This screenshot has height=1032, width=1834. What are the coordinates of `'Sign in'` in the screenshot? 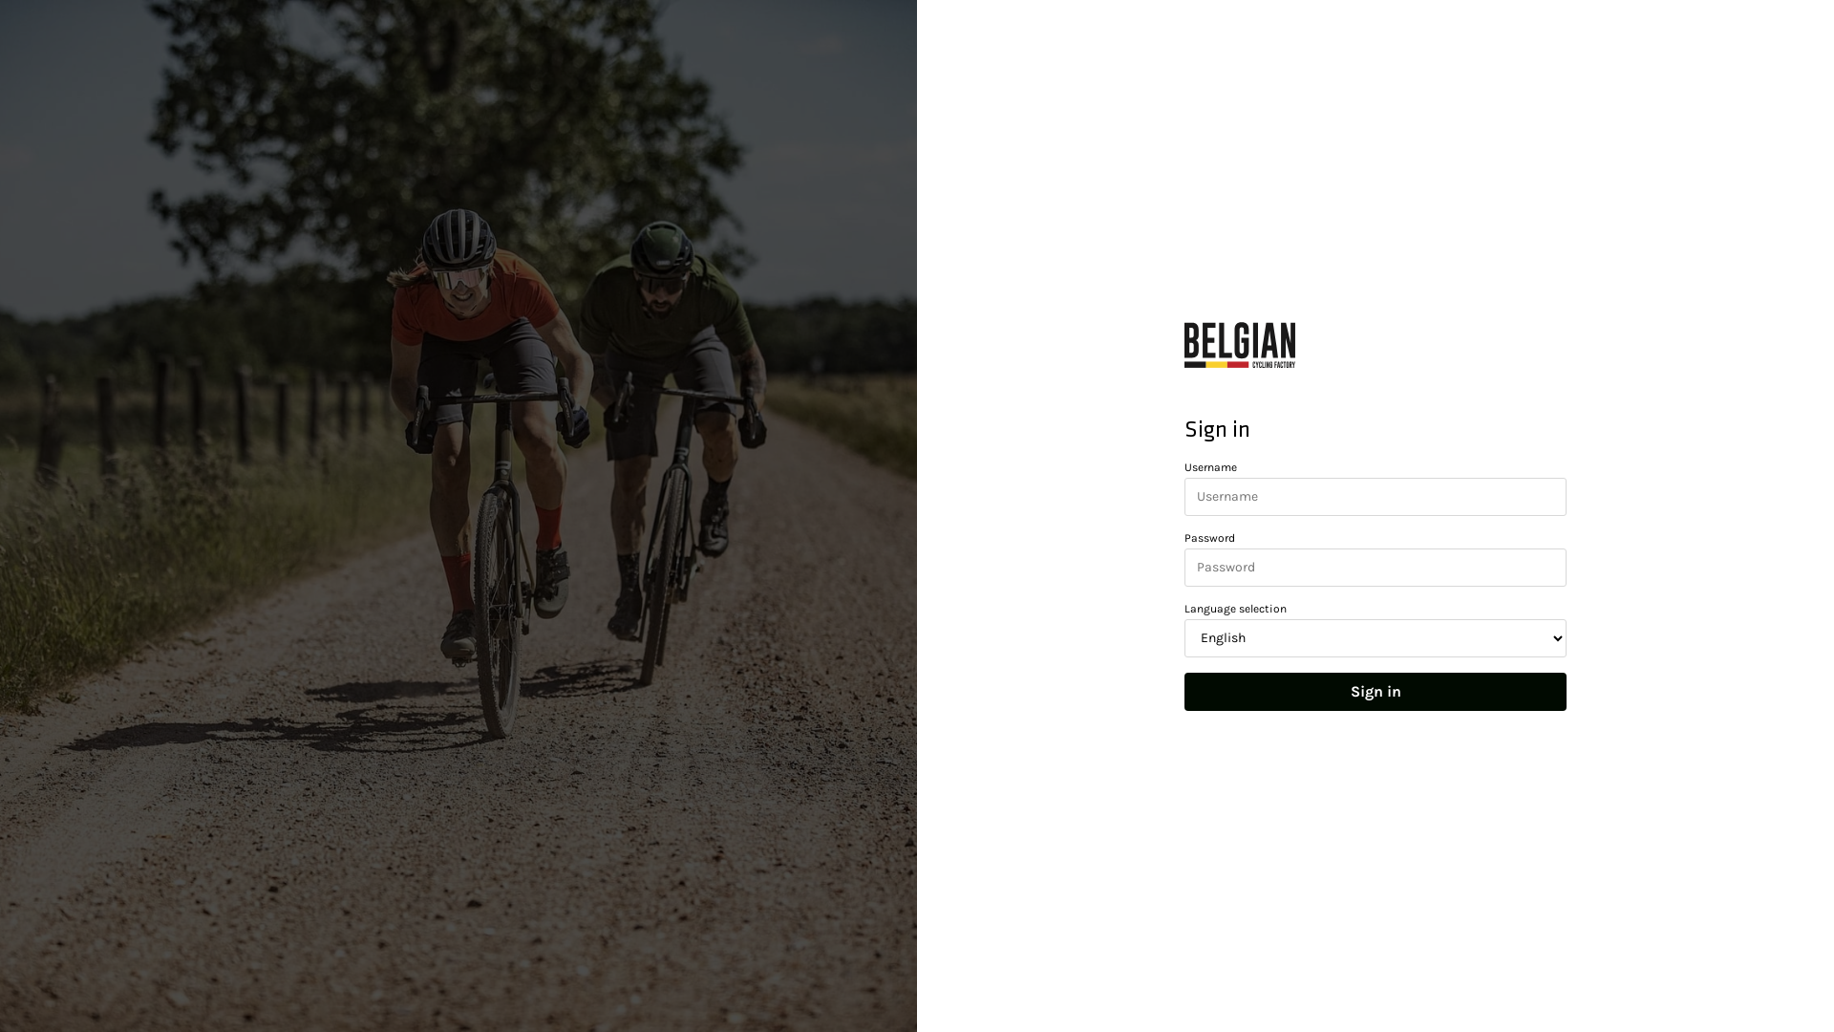 It's located at (1375, 692).